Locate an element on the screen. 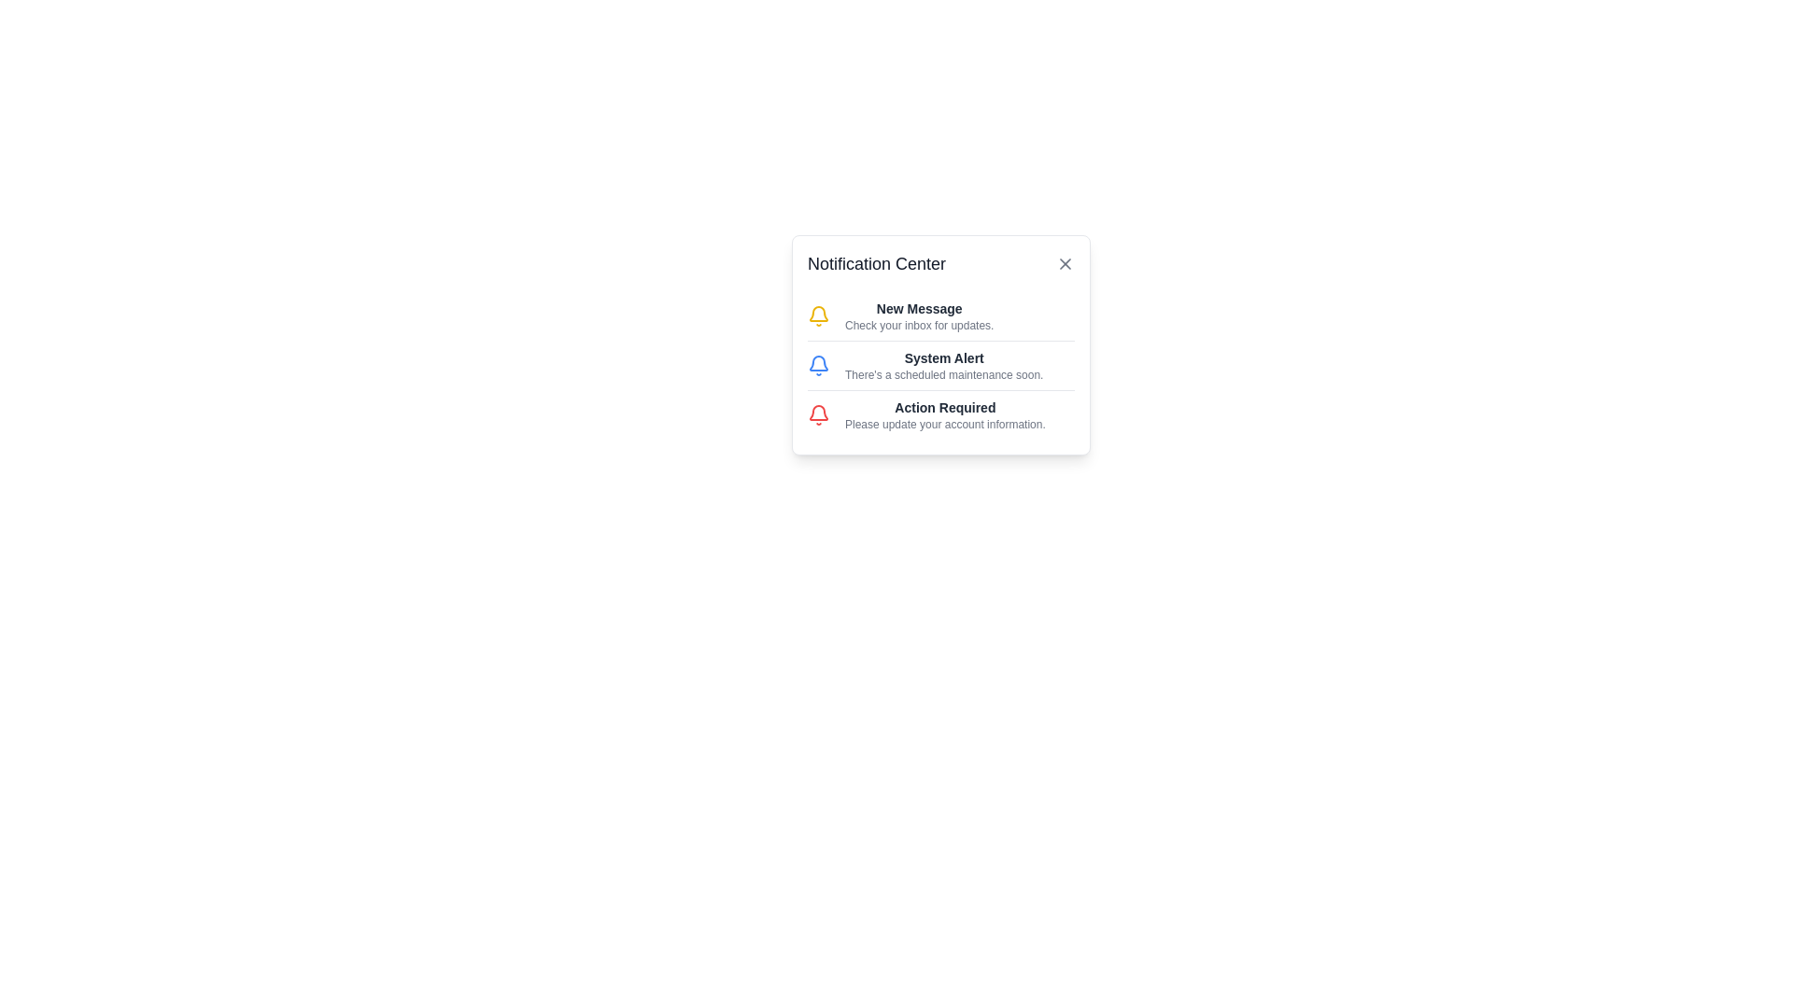 This screenshot has height=1008, width=1793. the title text label of the notification, which serves as a heading and provides a quick summary of the notification content is located at coordinates (919, 308).